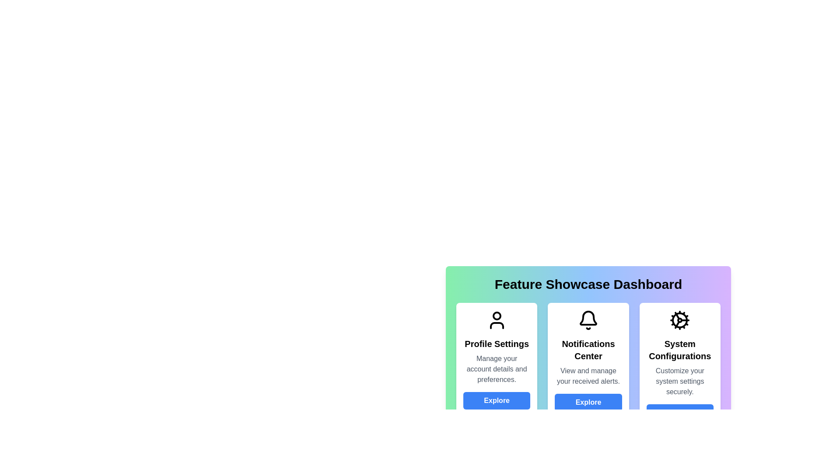  Describe the element at coordinates (679, 366) in the screenshot. I see `the 'Explore' button on the third card in the middle section of the interface` at that location.